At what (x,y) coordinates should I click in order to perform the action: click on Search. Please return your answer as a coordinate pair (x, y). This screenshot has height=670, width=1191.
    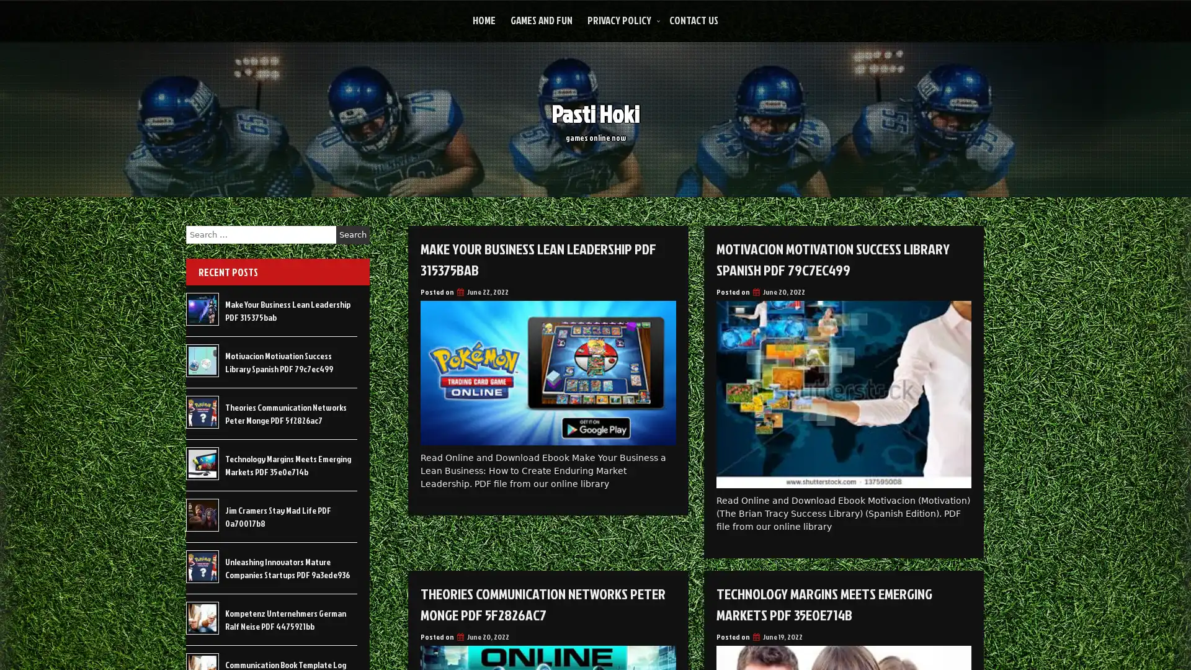
    Looking at the image, I should click on (352, 234).